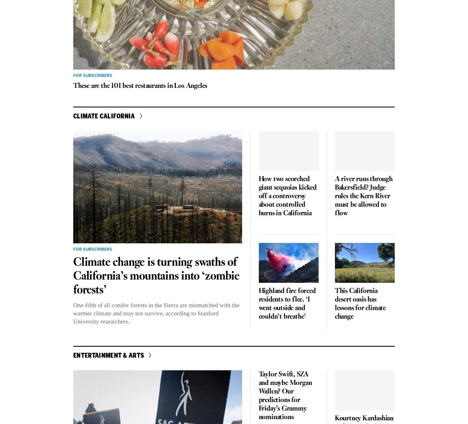 This screenshot has height=424, width=468. Describe the element at coordinates (284, 396) in the screenshot. I see `'Taylor Swift, SZA and maybe Morgan Wallen? Our predictions for Friday’s Grammy nominations'` at that location.